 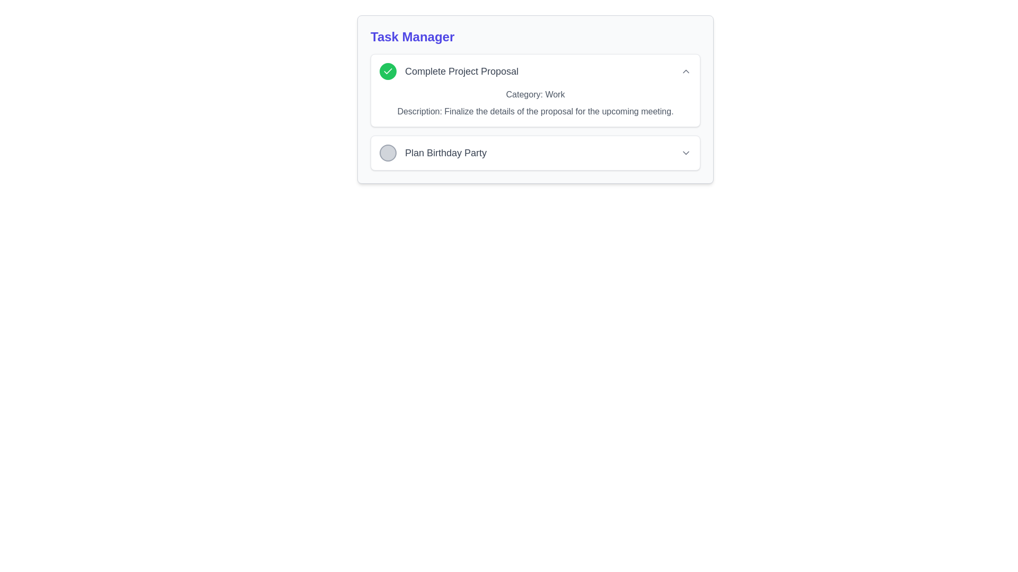 I want to click on the Text Display element that shows details about the task 'Complete Project Proposal', located below the title within the task card, so click(x=535, y=103).